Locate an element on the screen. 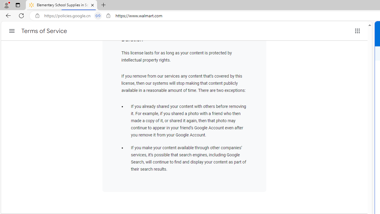  'Close tab' is located at coordinates (92, 5).